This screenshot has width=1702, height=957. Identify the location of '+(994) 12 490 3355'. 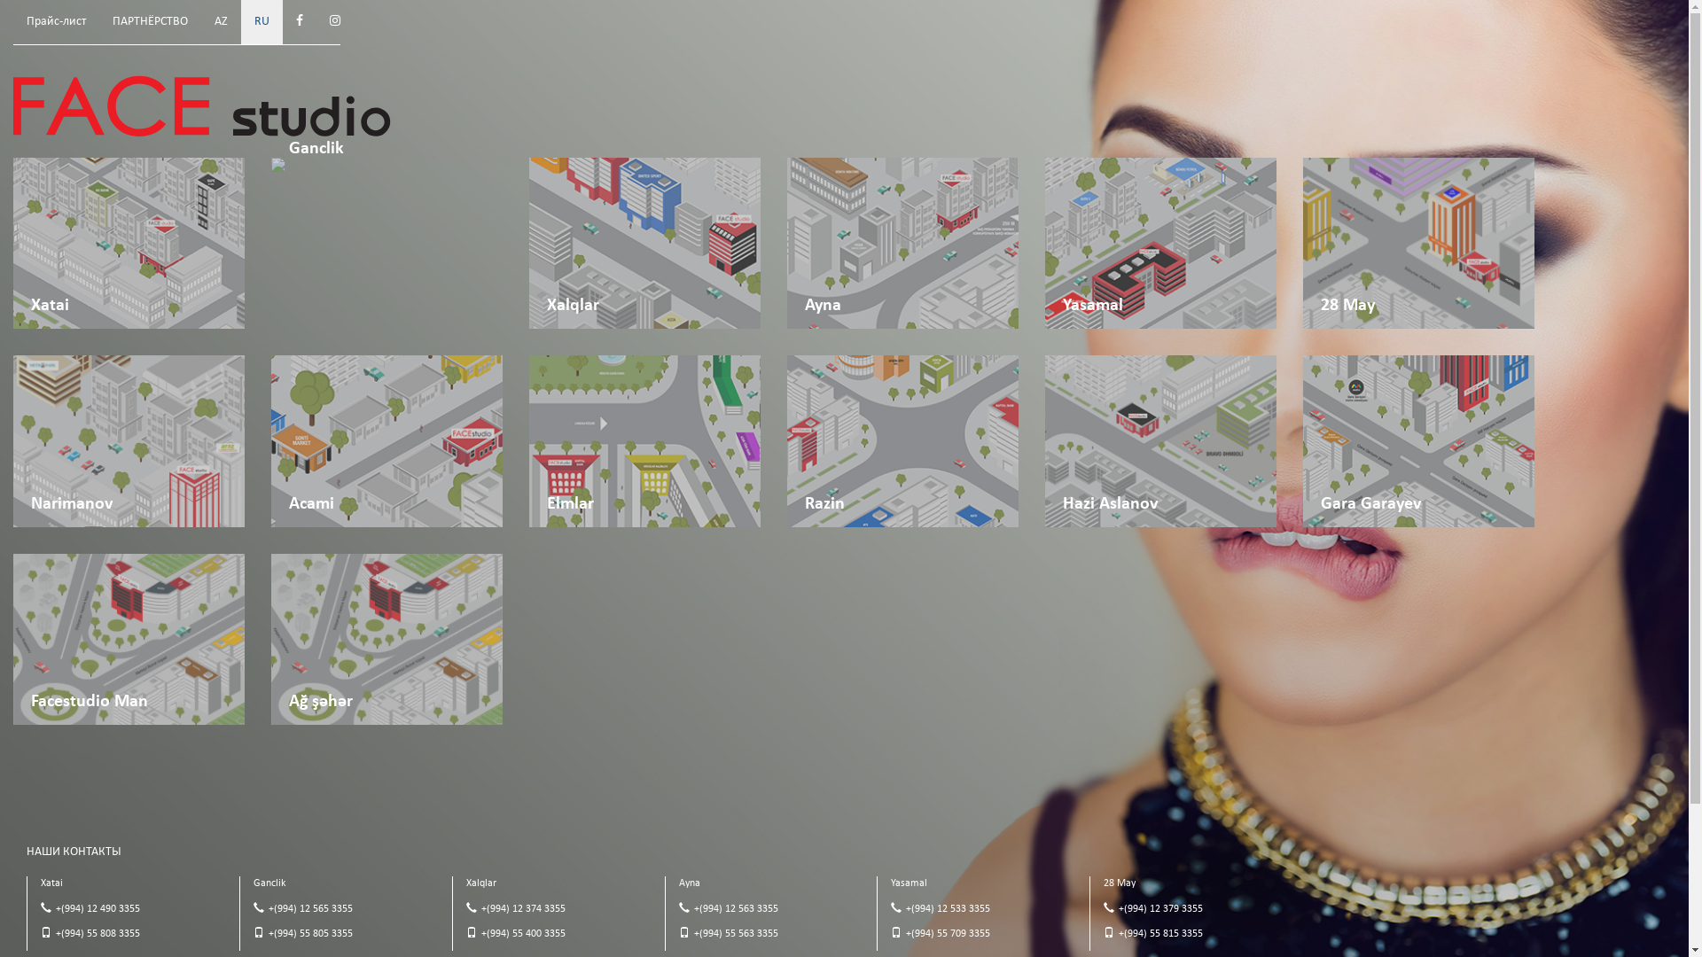
(97, 909).